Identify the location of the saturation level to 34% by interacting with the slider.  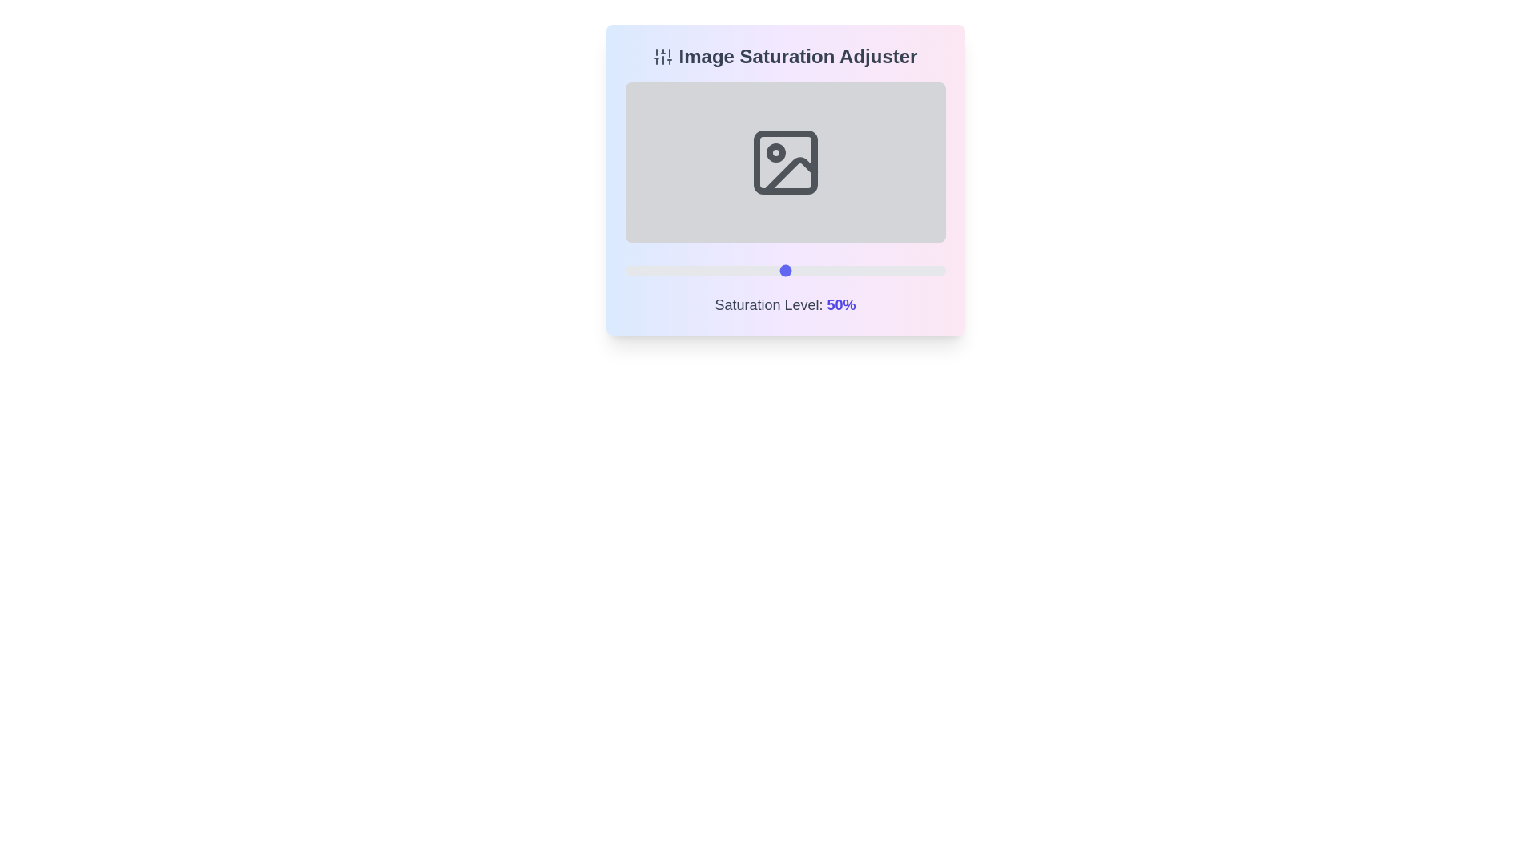
(733, 270).